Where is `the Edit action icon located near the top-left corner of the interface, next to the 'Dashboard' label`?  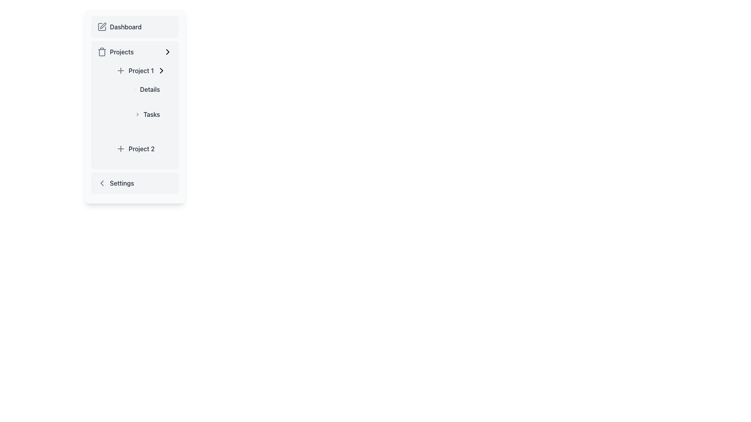 the Edit action icon located near the top-left corner of the interface, next to the 'Dashboard' label is located at coordinates (103, 25).